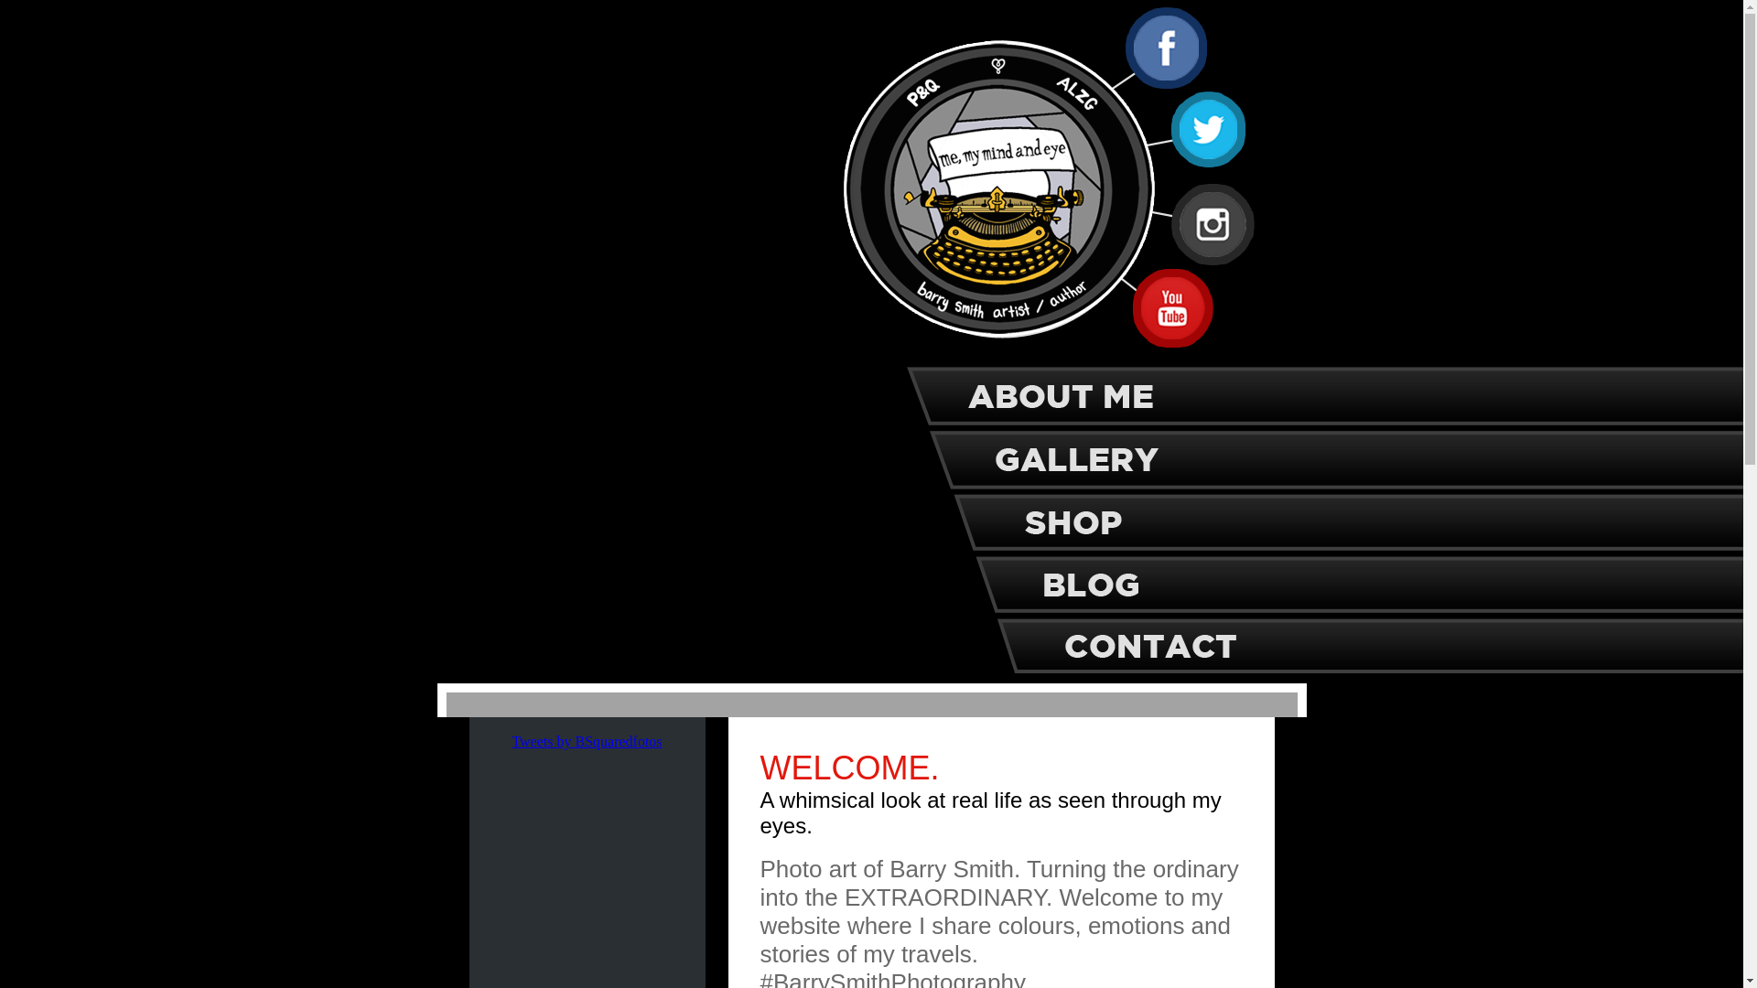 The image size is (1757, 988). Describe the element at coordinates (587, 741) in the screenshot. I see `'Tweets by BSquaredfotos'` at that location.